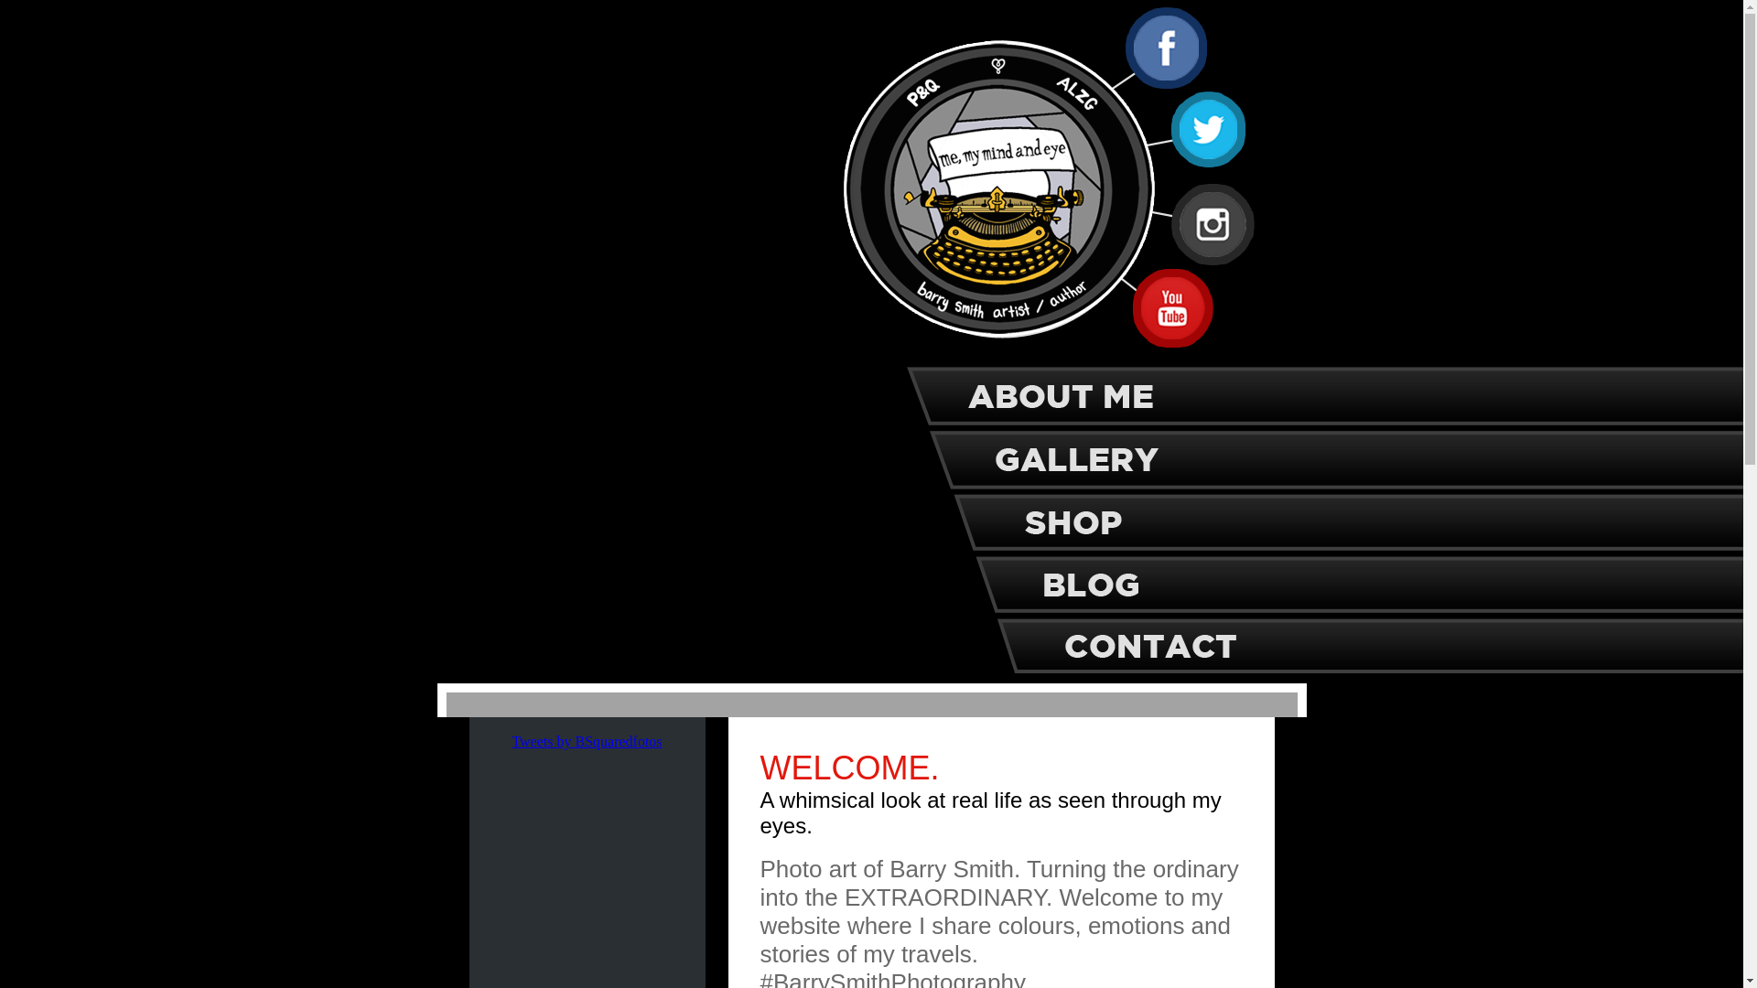 The image size is (1757, 988). Describe the element at coordinates (587, 741) in the screenshot. I see `'Tweets by BSquaredfotos'` at that location.